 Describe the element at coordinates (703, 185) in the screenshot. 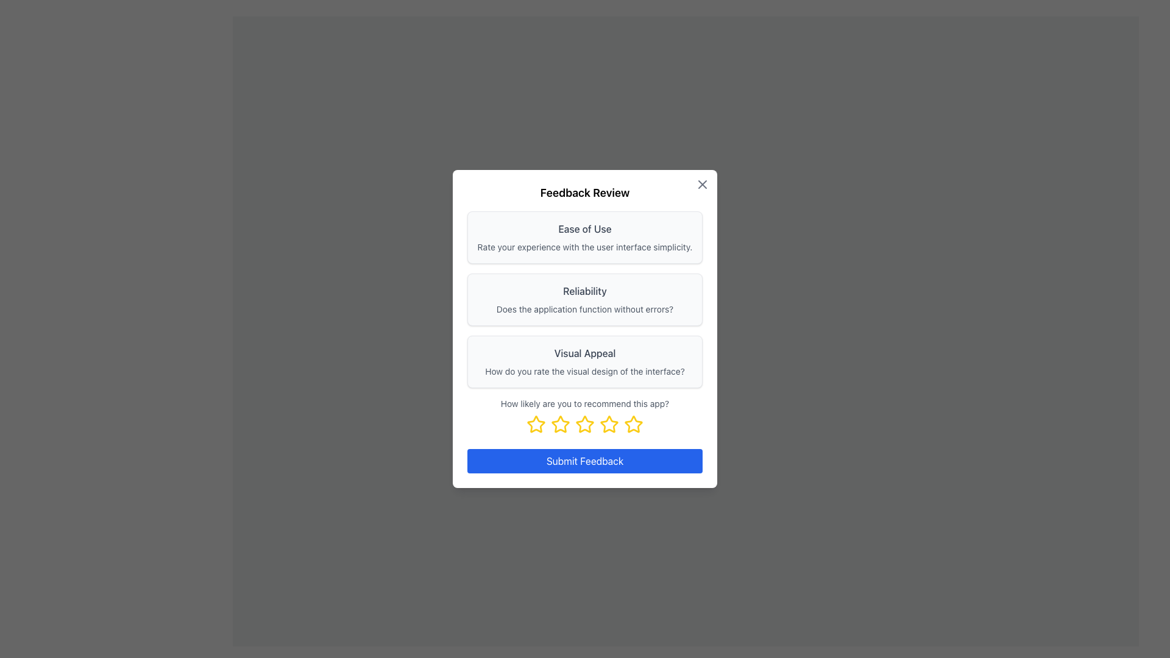

I see `the 'X' icon button in the top right corner of the feedback modal` at that location.